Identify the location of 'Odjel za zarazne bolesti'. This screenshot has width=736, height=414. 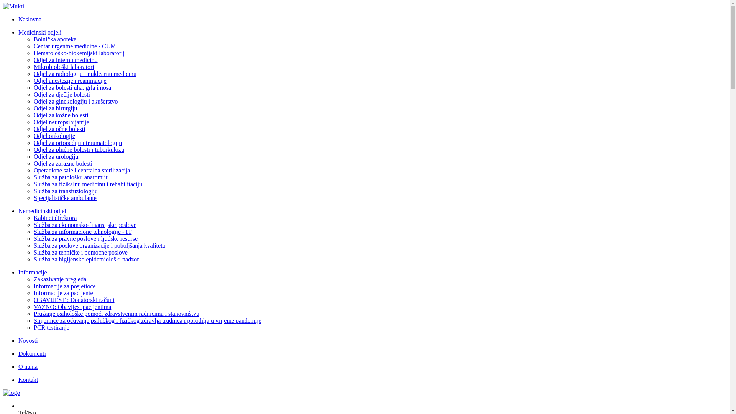
(63, 163).